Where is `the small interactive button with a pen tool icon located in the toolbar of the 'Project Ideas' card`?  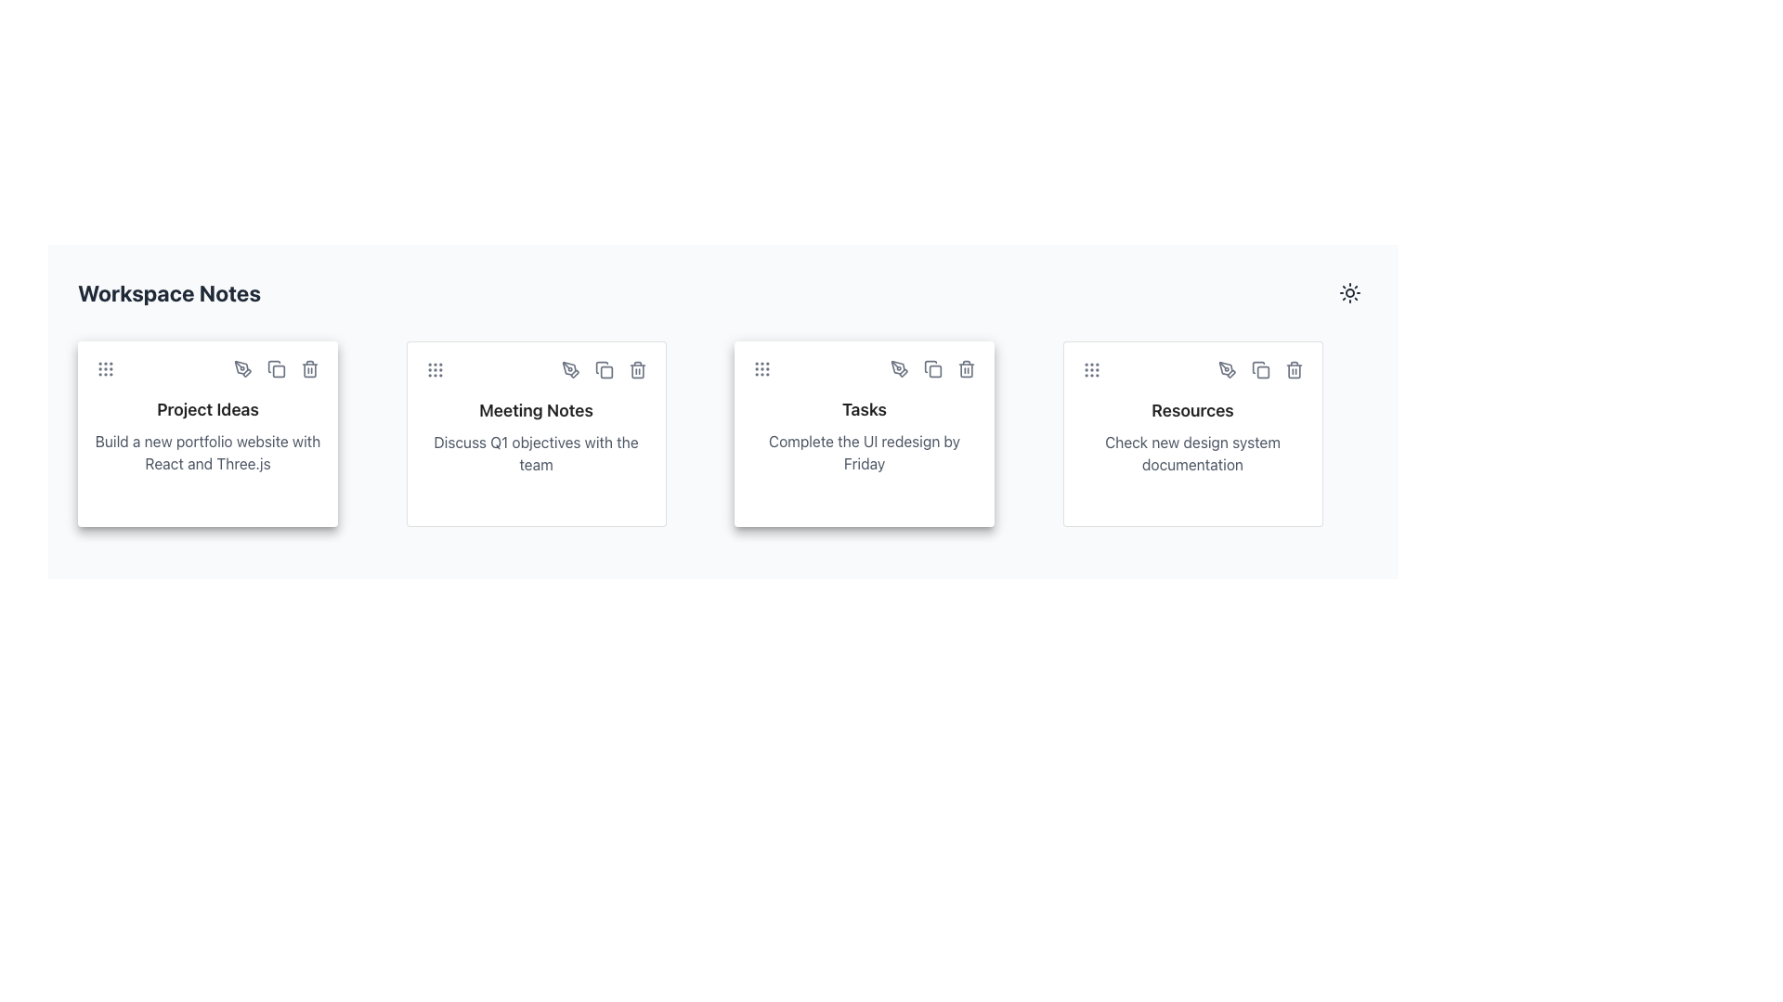
the small interactive button with a pen tool icon located in the toolbar of the 'Project Ideas' card is located at coordinates (242, 368).